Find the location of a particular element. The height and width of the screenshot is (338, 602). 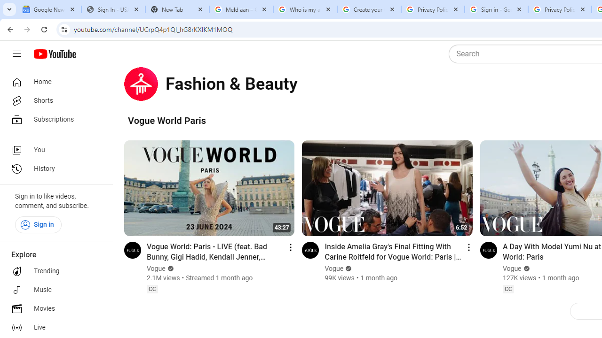

'Live' is located at coordinates (53, 327).